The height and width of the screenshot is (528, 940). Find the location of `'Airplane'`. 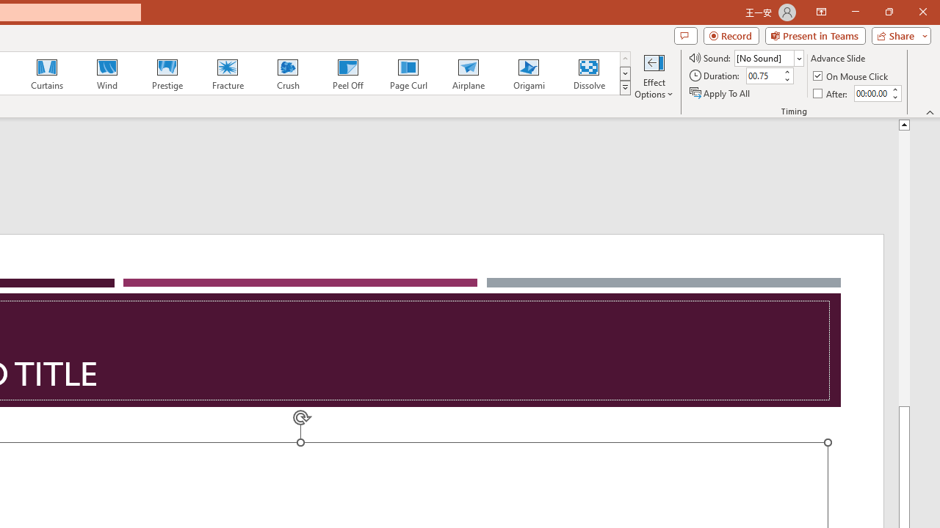

'Airplane' is located at coordinates (467, 73).